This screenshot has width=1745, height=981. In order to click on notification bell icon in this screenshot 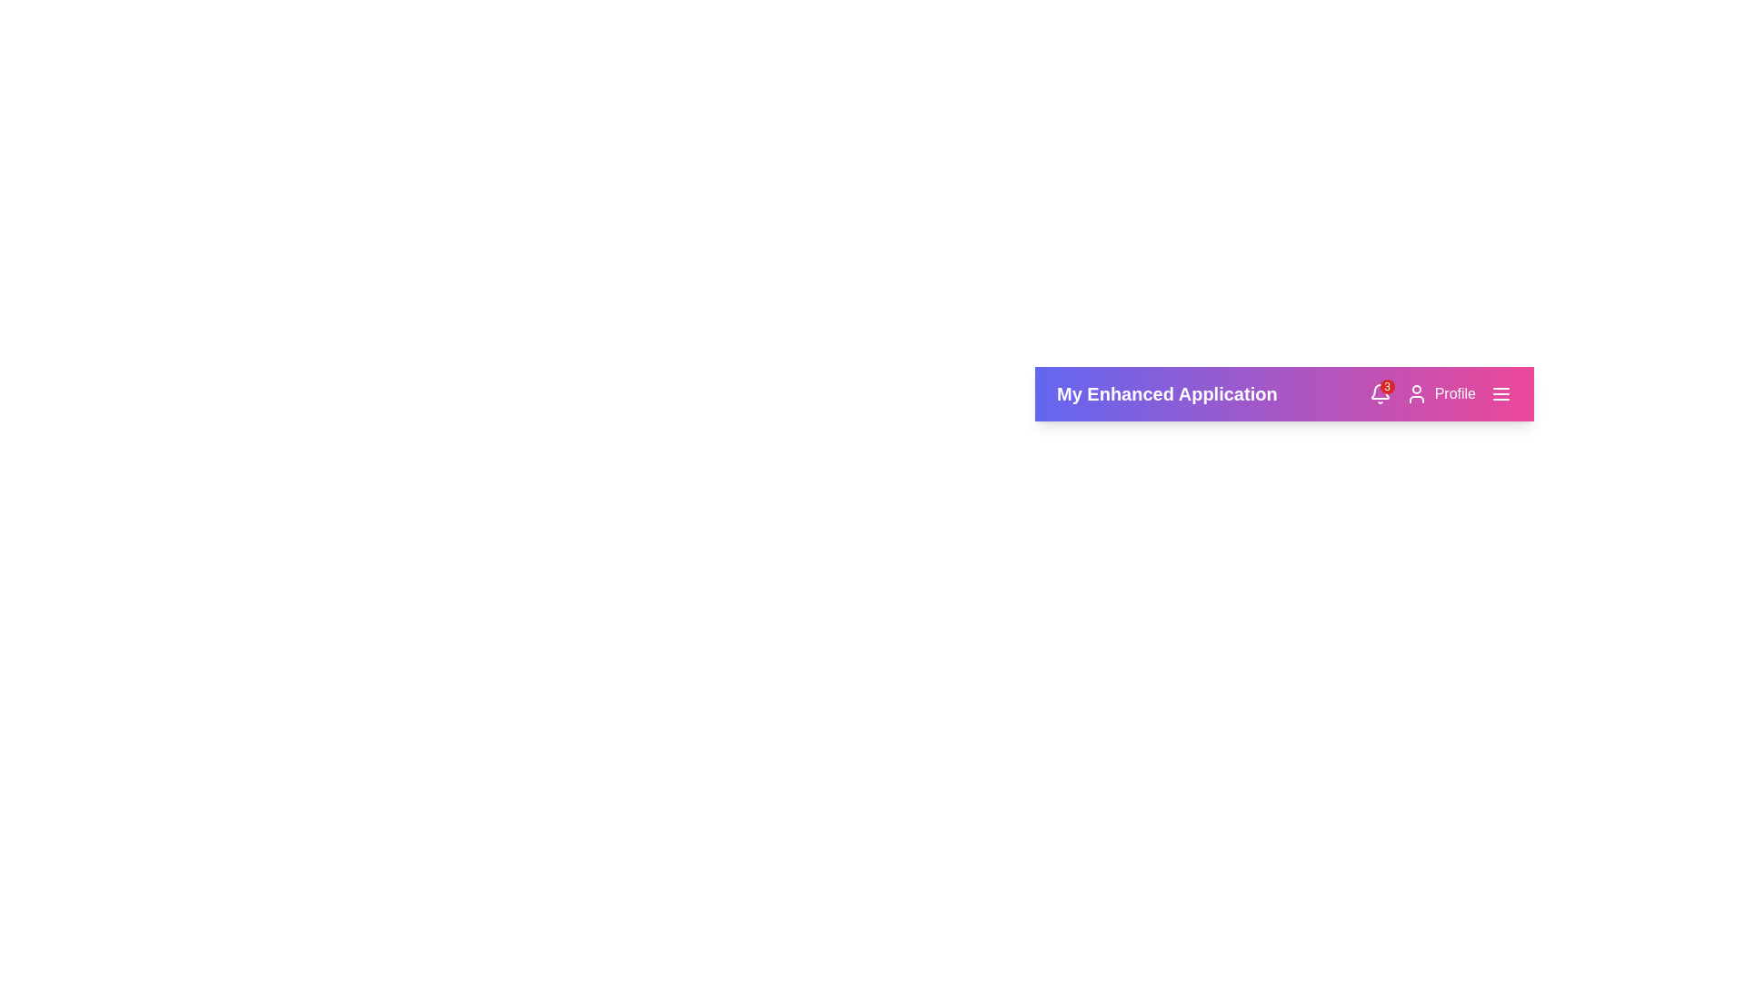, I will do `click(1380, 393)`.